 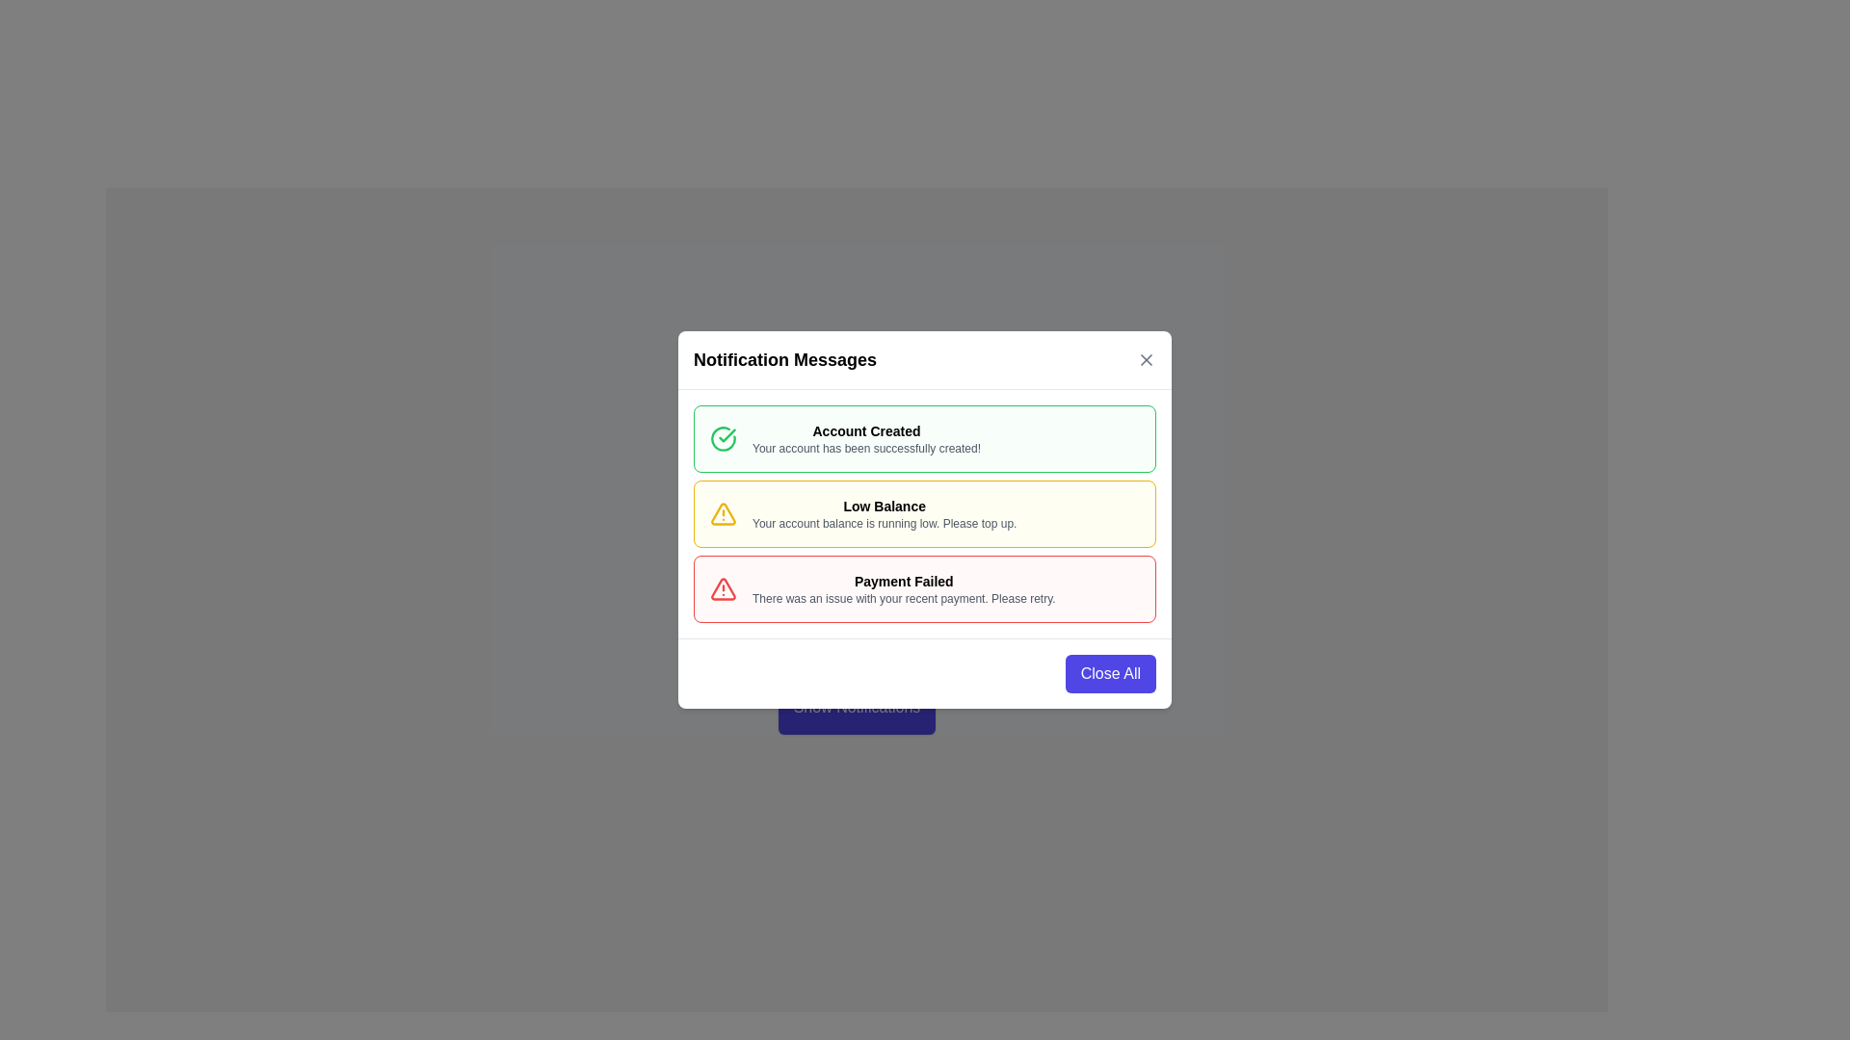 I want to click on the yellow triangular alert icon with an exclamation mark located in the 'Low Balance' notification box, positioned to the left of the text content, so click(x=722, y=512).